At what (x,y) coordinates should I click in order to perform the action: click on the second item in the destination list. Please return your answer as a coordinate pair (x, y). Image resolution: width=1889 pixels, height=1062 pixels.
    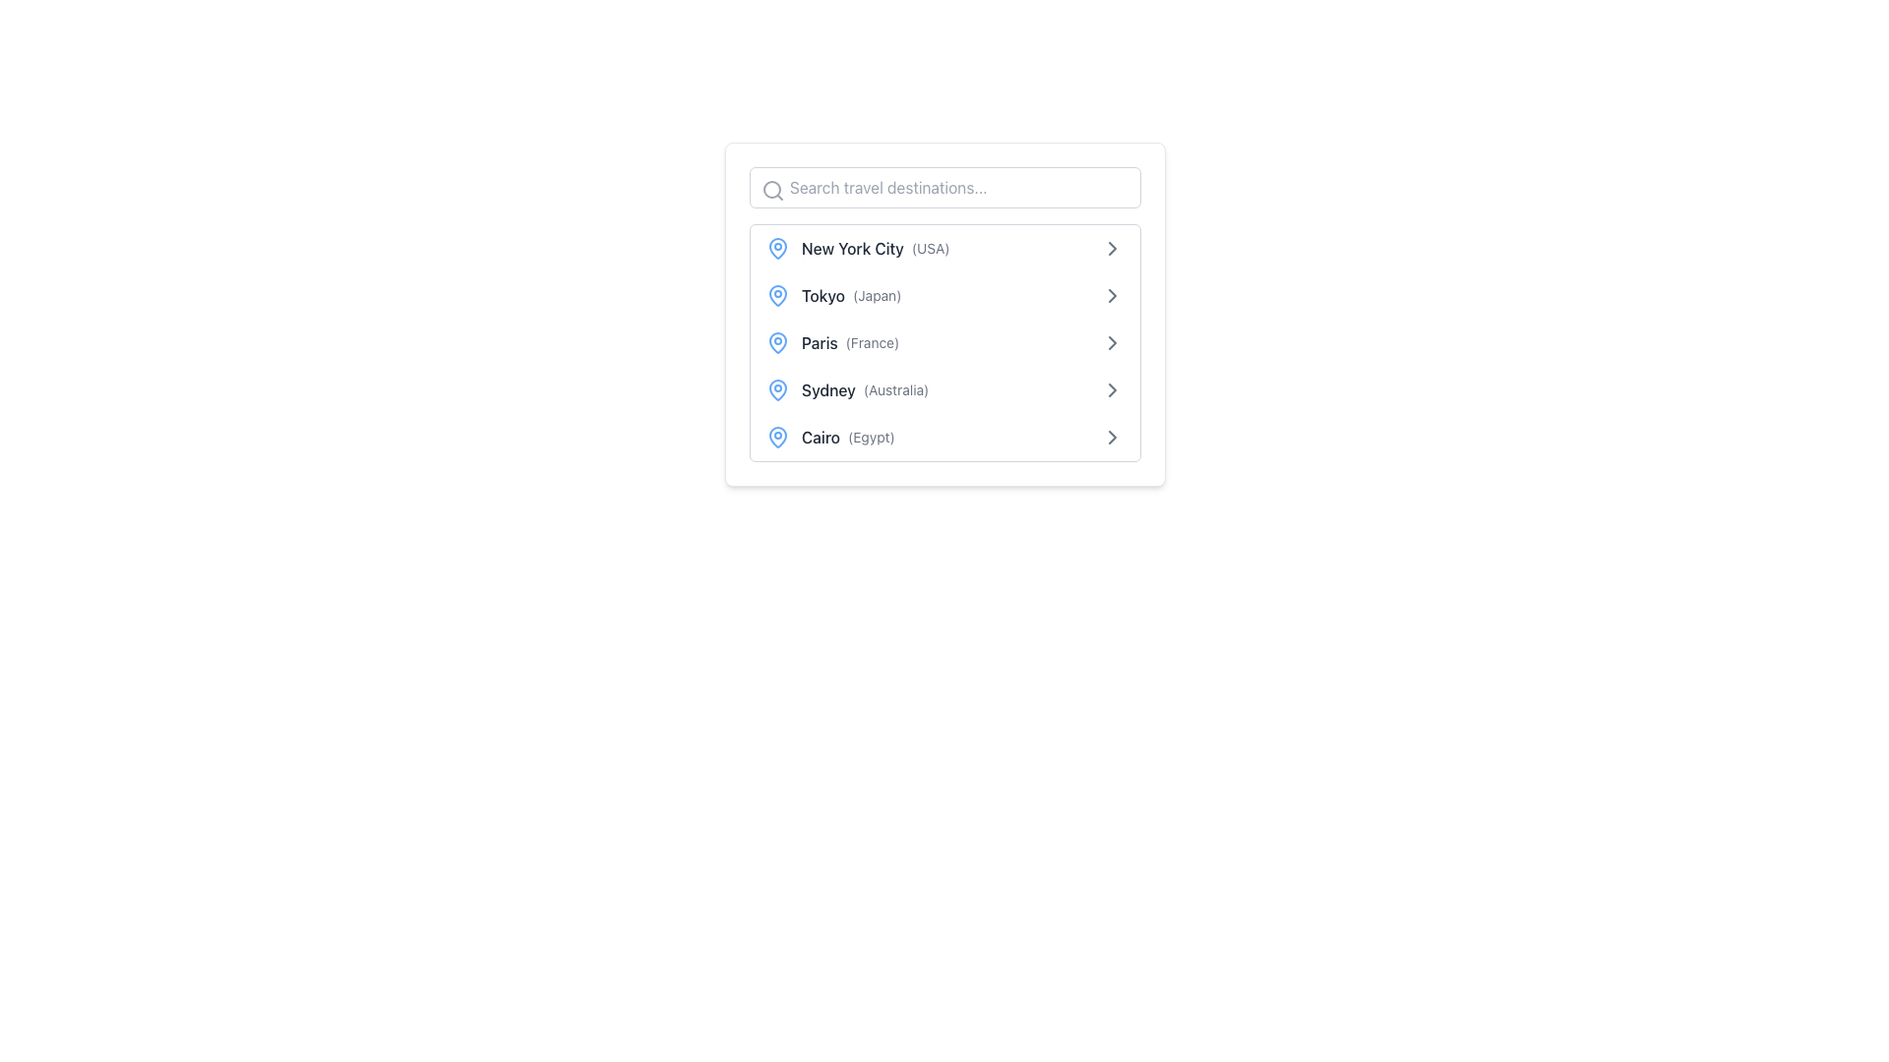
    Looking at the image, I should click on (944, 295).